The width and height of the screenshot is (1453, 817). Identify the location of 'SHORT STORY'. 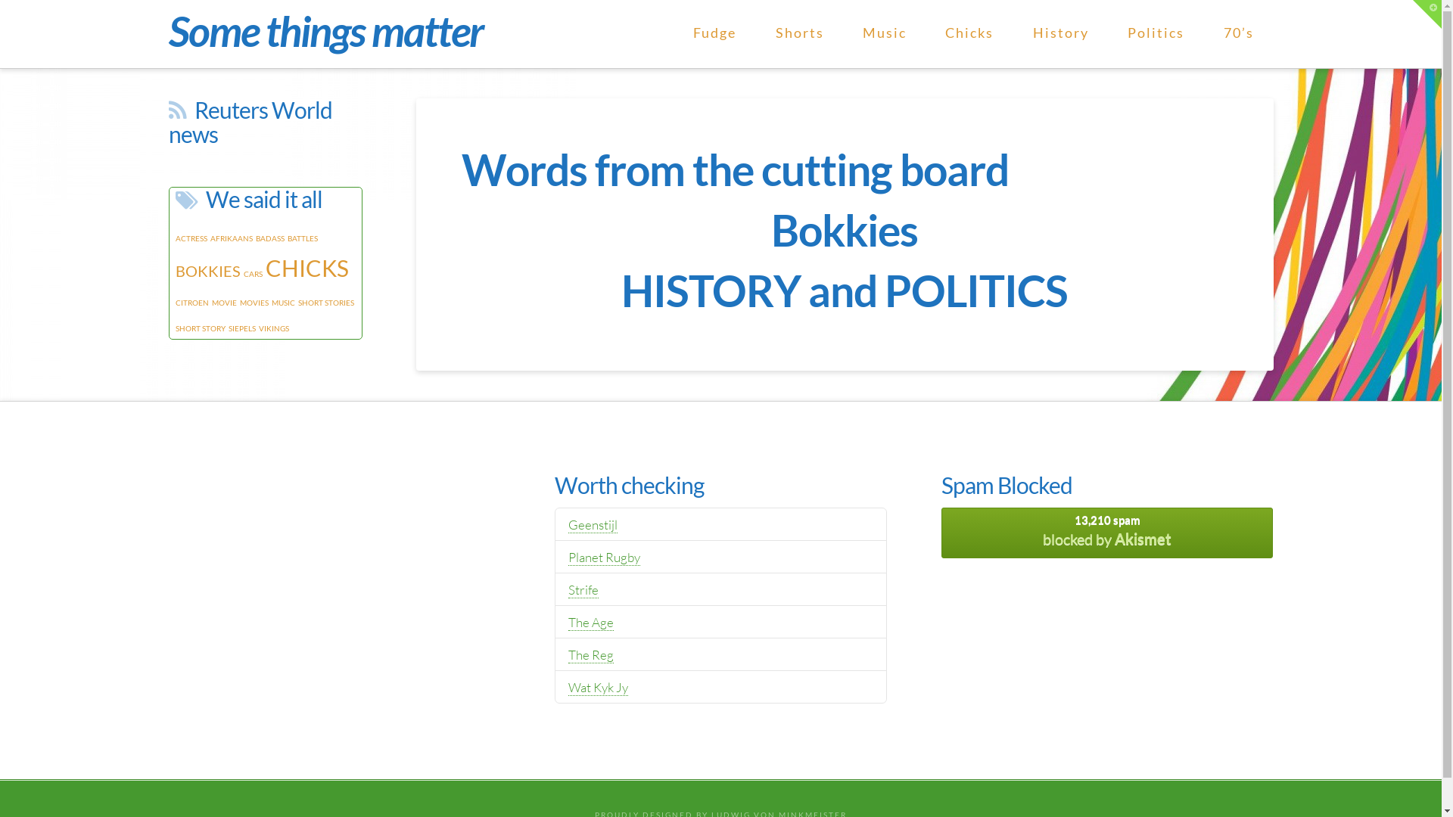
(199, 328).